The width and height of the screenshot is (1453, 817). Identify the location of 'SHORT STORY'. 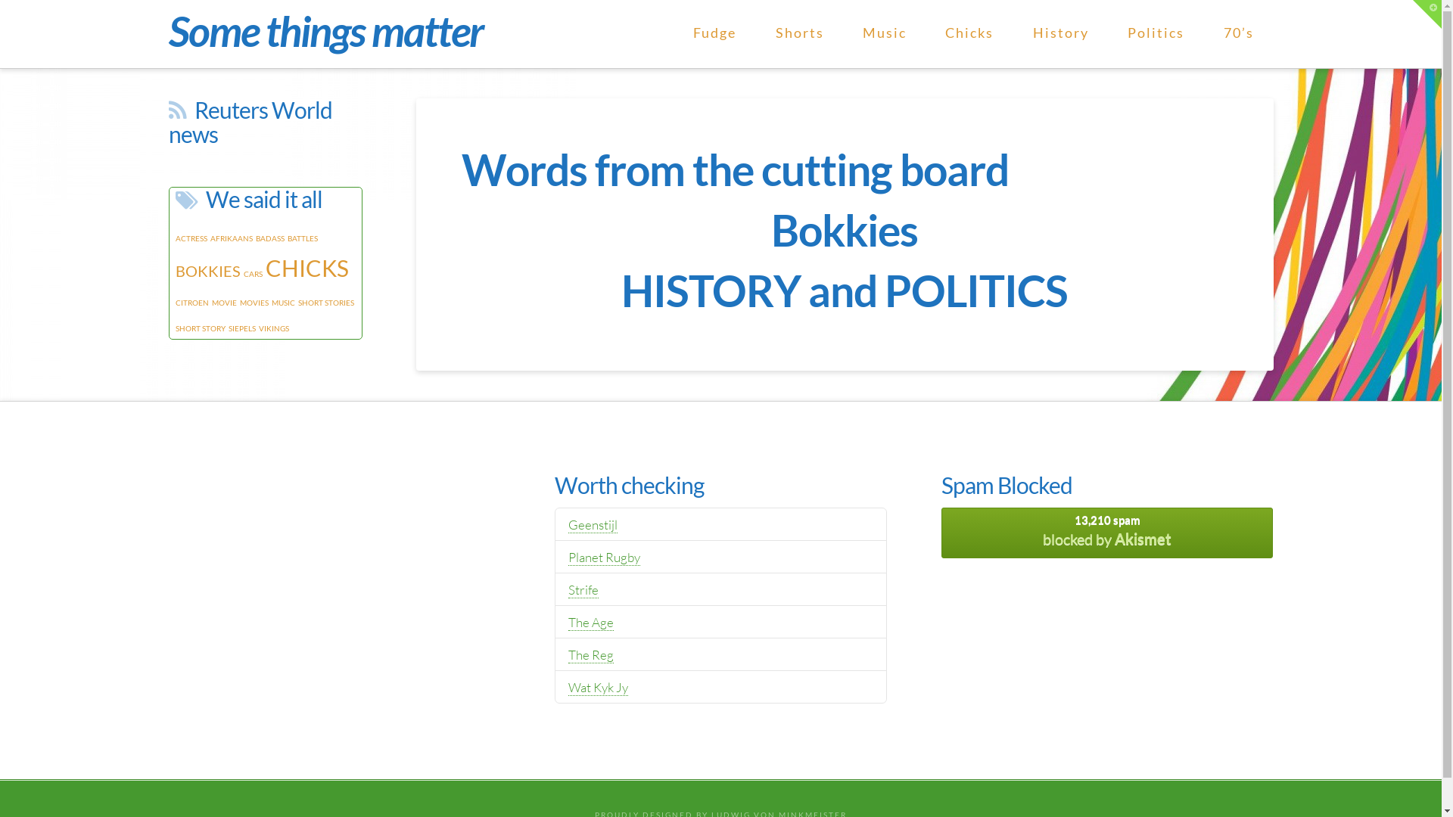
(199, 328).